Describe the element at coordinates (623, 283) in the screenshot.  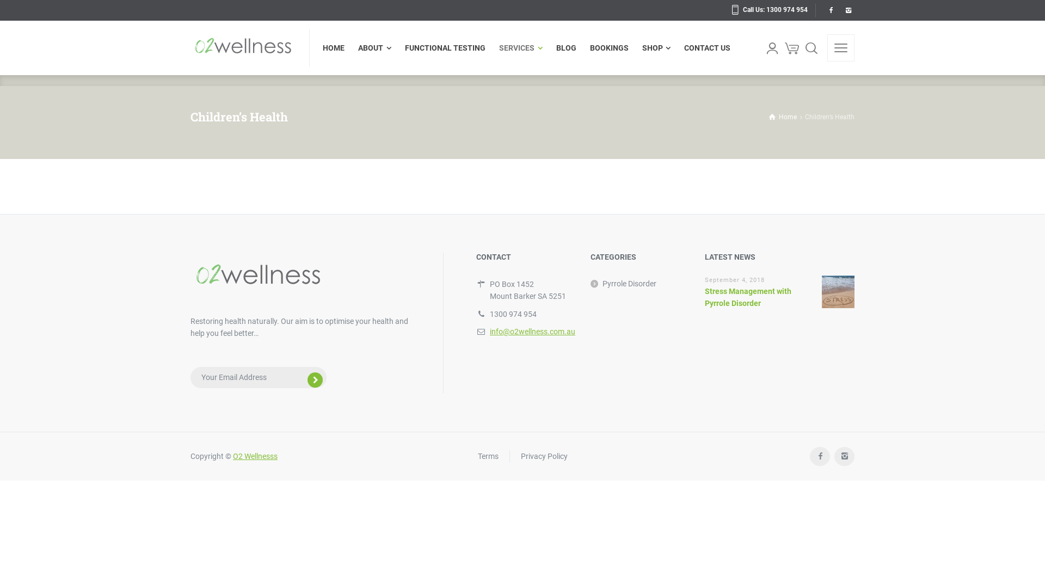
I see `'Pyrrole Disorder'` at that location.